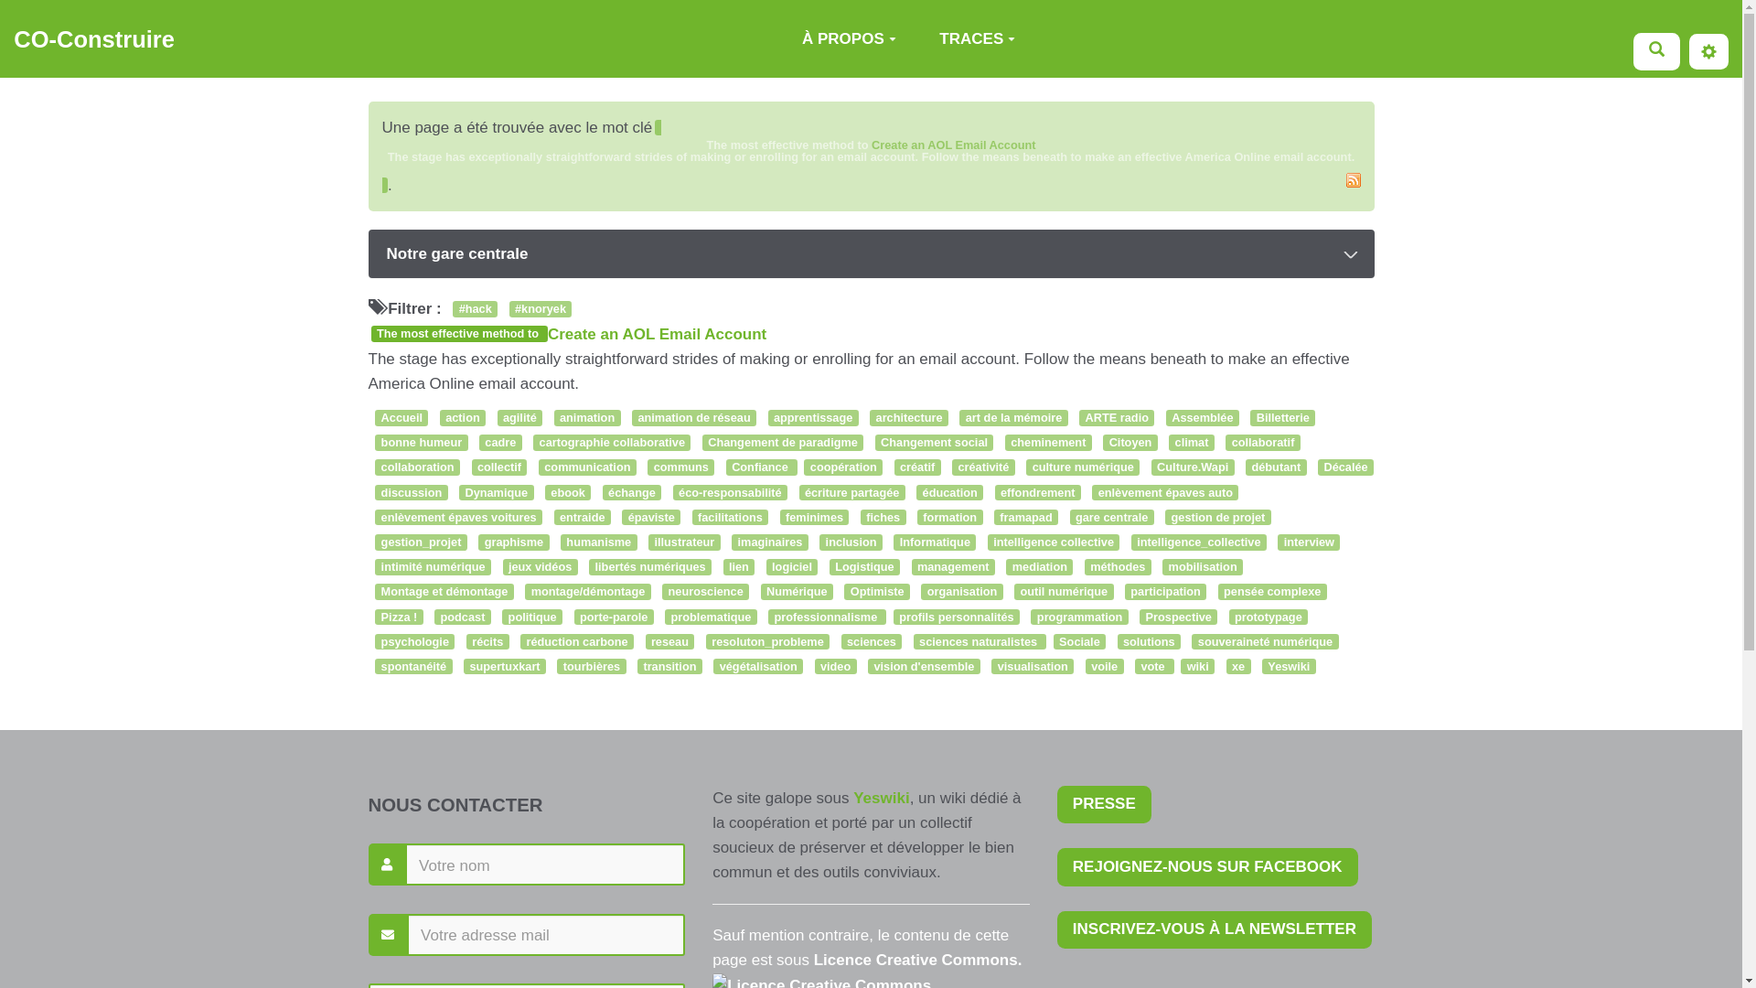 The image size is (1756, 988). I want to click on 'resoluton_probleme', so click(705, 641).